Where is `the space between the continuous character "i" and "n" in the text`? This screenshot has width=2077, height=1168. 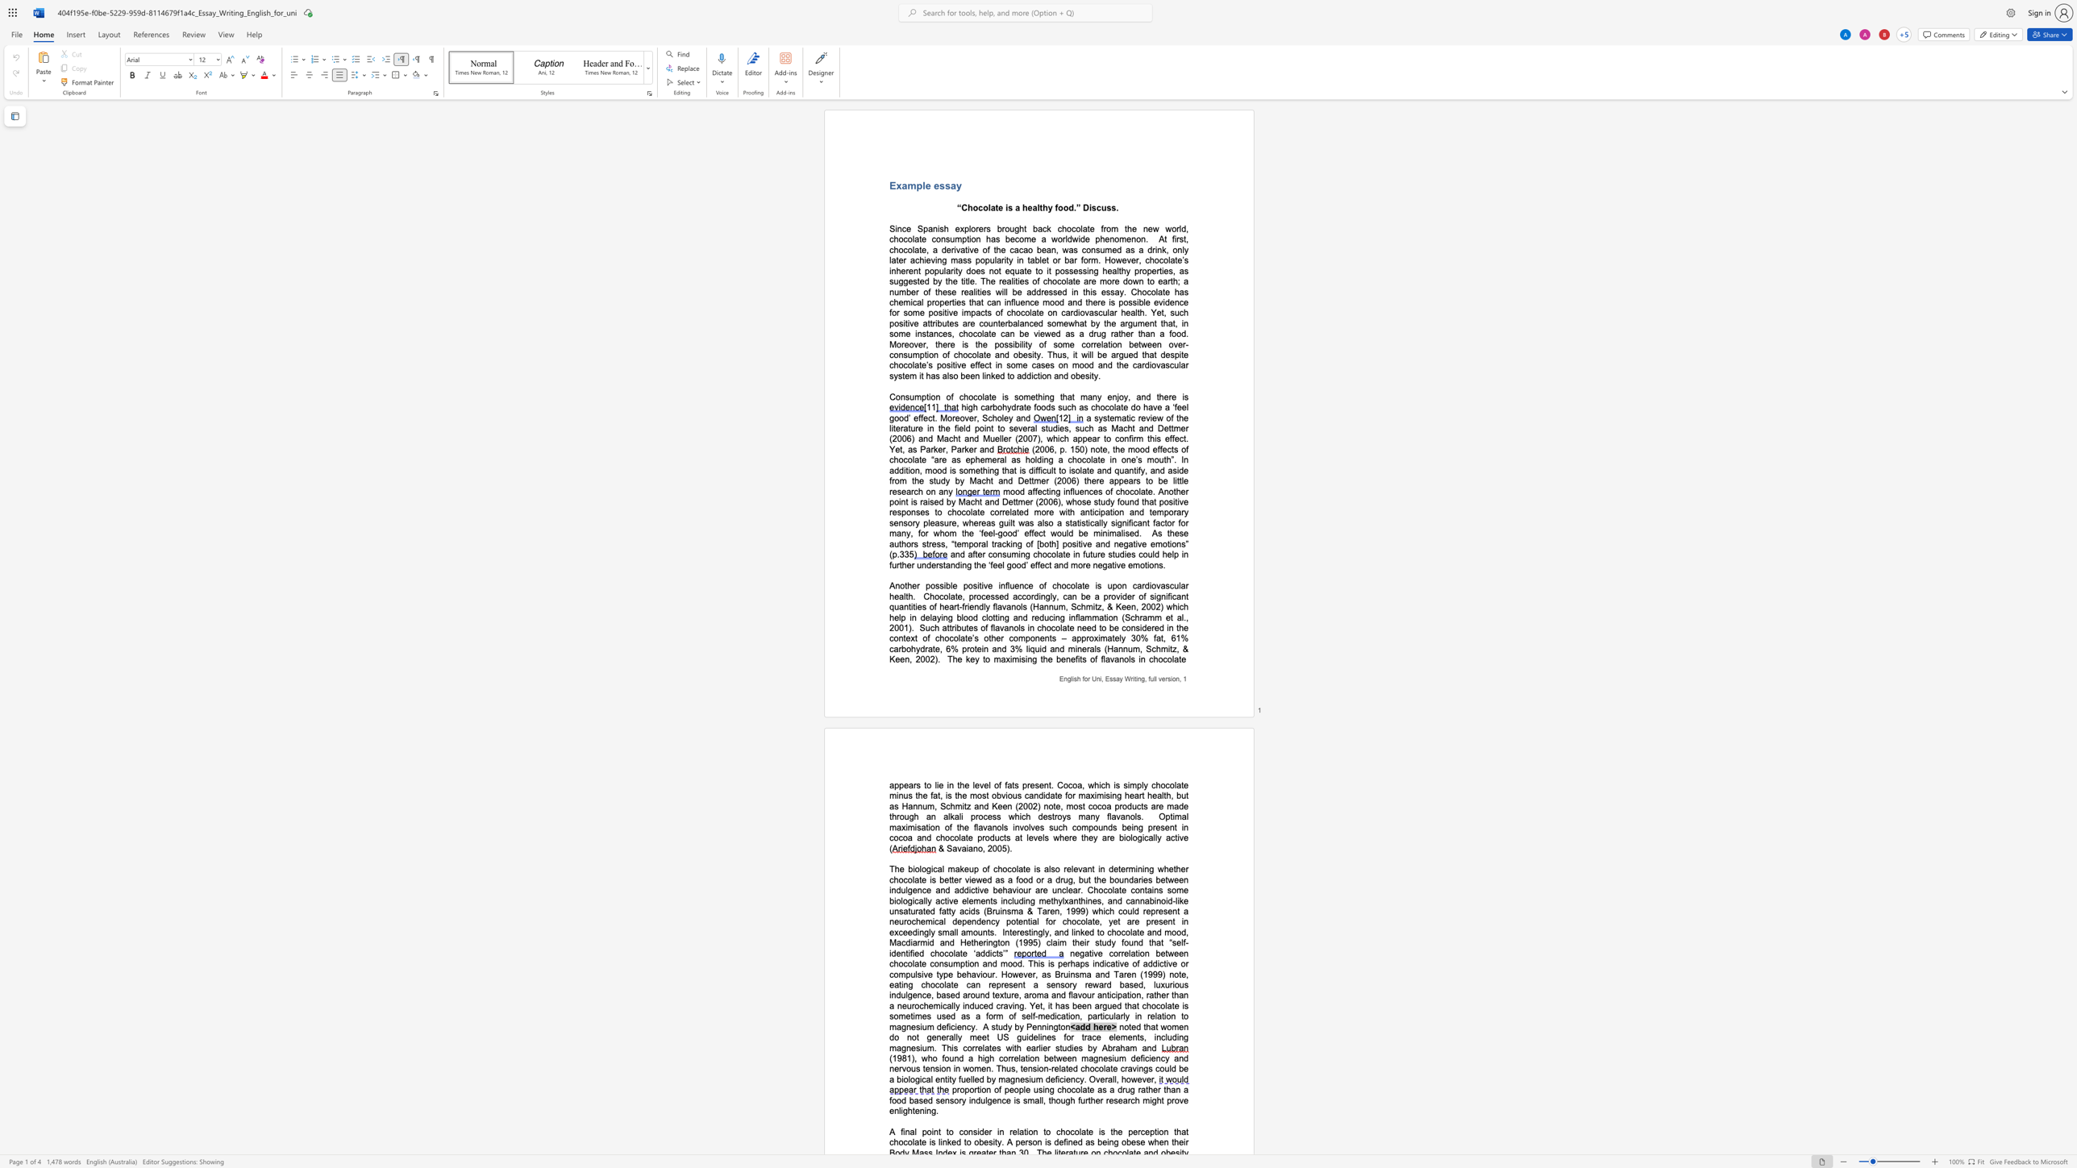 the space between the continuous character "i" and "n" in the text is located at coordinates (989, 942).